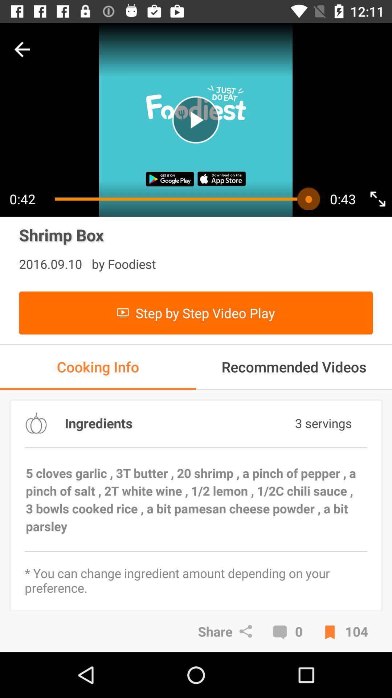 The image size is (392, 698). Describe the element at coordinates (22, 49) in the screenshot. I see `go back` at that location.